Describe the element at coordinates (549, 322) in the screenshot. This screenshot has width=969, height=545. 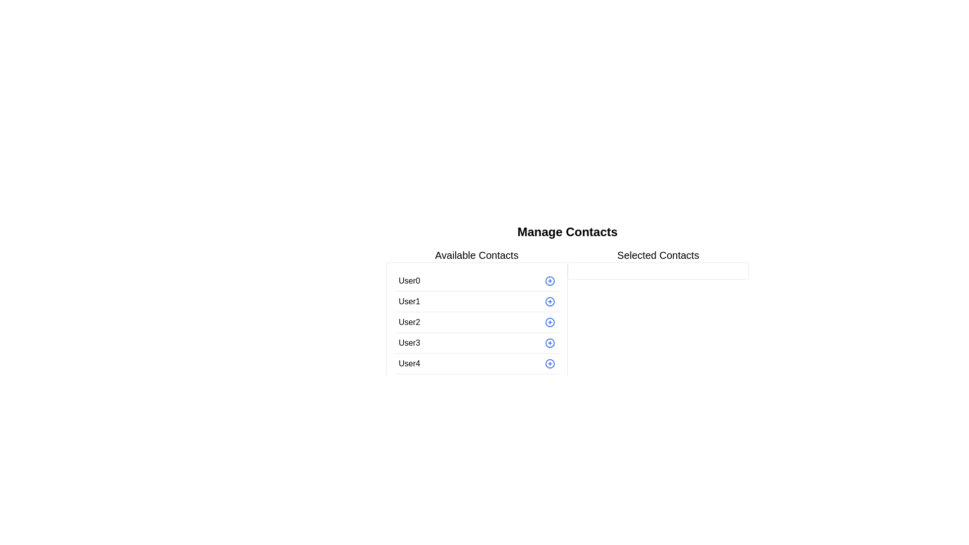
I see `the circular blue plus sign button located on the far right of the row labeled 'User2' in the 'Available Contacts' list` at that location.